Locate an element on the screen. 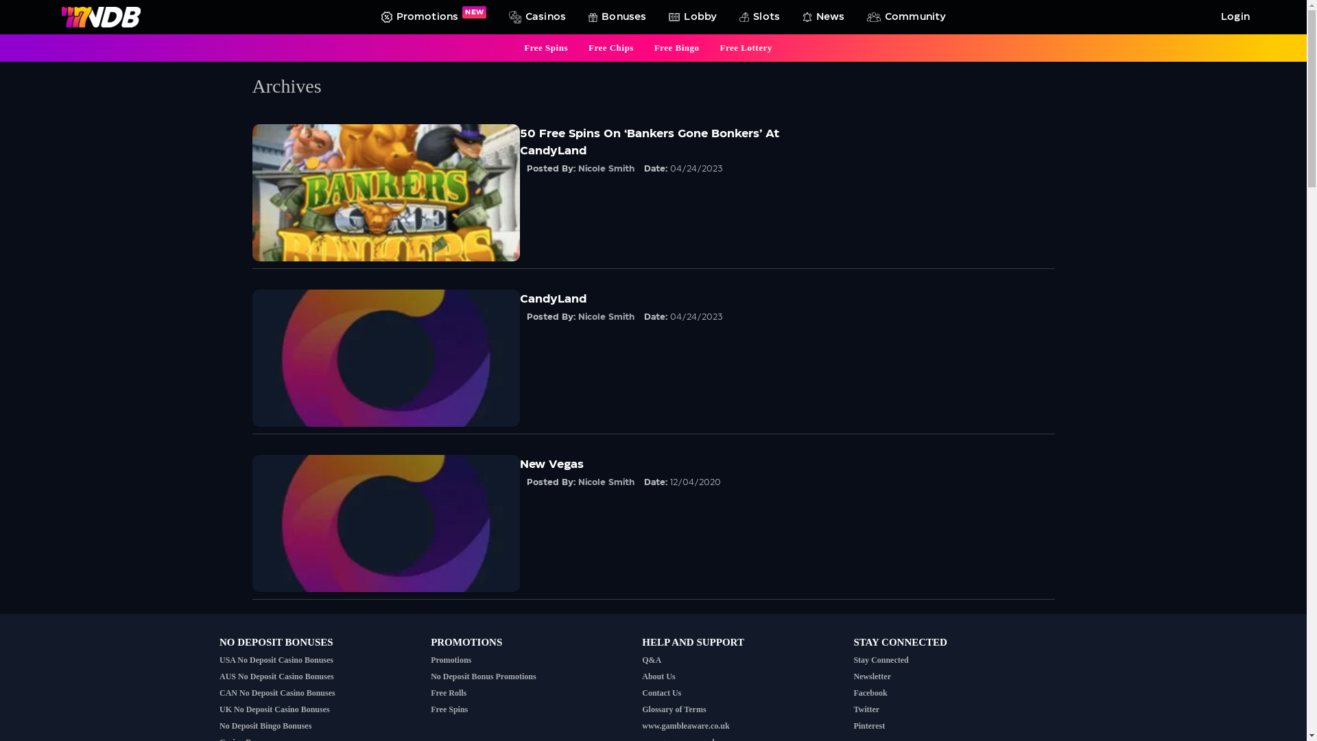 The width and height of the screenshot is (1317, 741). 'Free Bingo' is located at coordinates (654, 47).